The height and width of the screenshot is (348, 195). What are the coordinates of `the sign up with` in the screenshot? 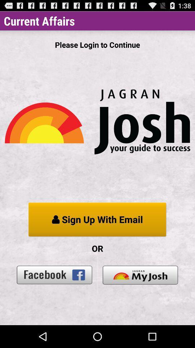 It's located at (97, 219).